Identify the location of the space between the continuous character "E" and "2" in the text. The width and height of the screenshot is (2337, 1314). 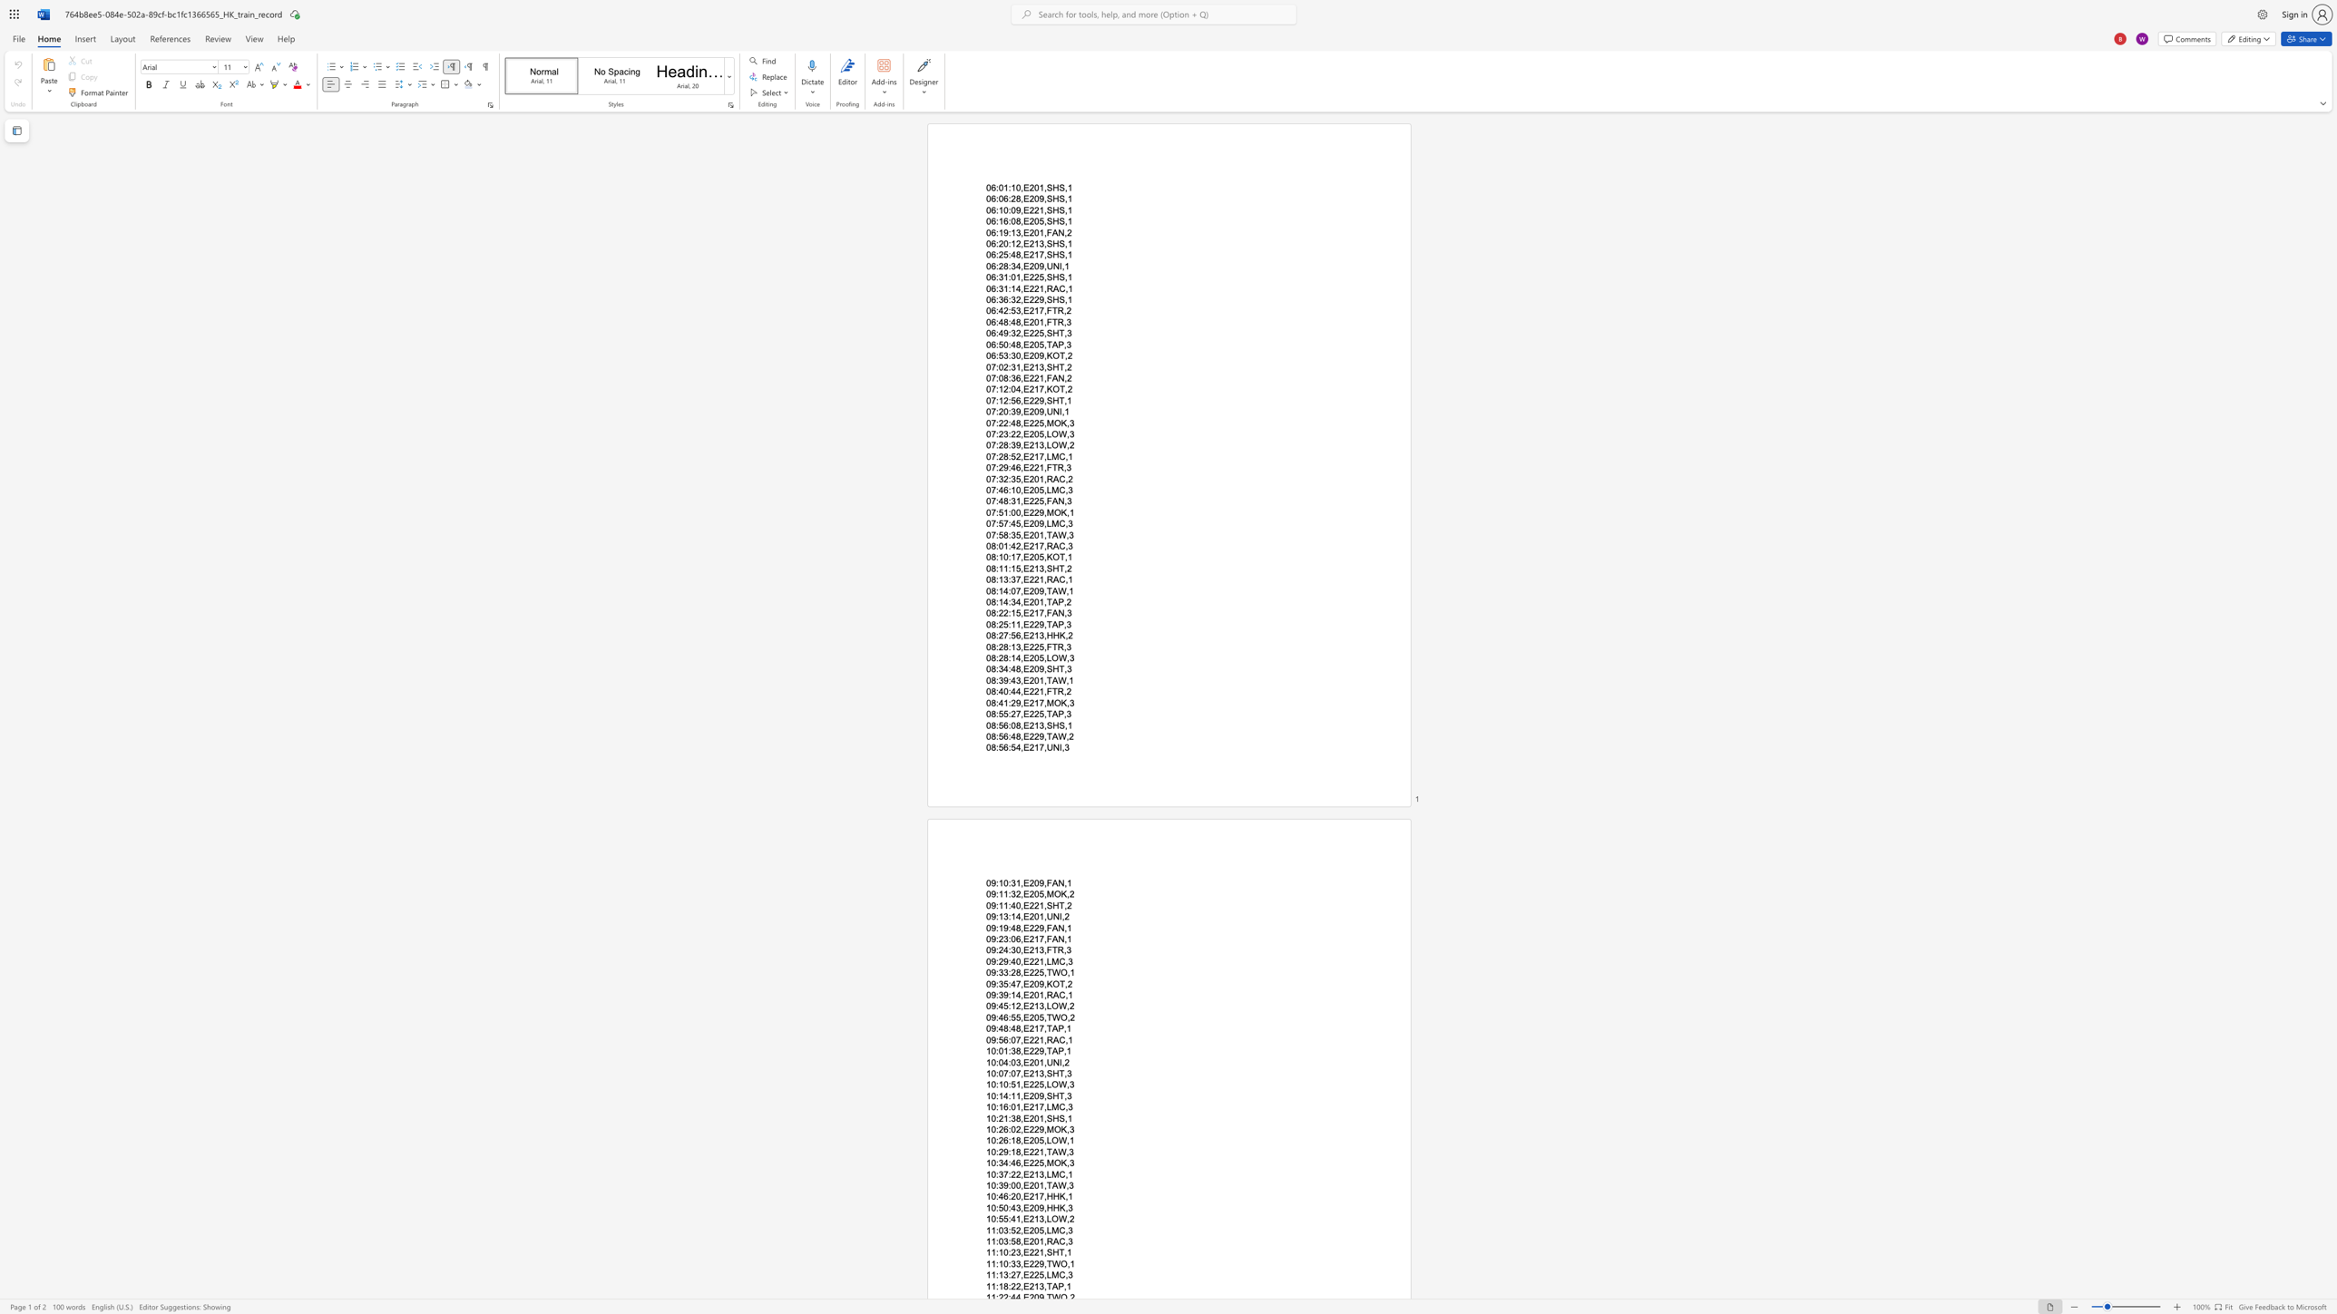
(1028, 1017).